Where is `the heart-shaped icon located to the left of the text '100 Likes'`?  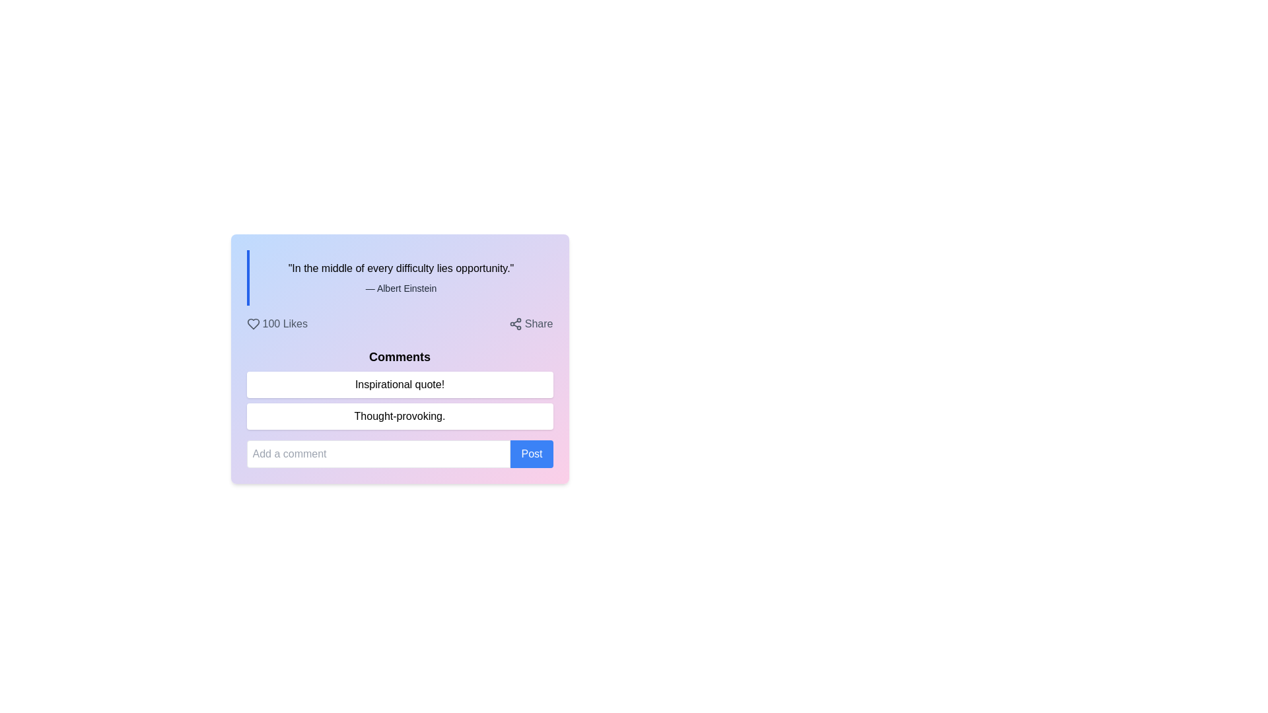 the heart-shaped icon located to the left of the text '100 Likes' is located at coordinates (253, 323).